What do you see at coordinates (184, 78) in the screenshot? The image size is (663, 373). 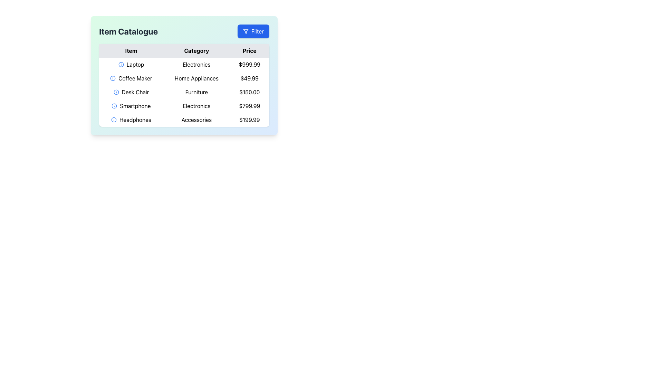 I see `the second row of the Item Catalogue table that contains 'Coffee Maker', 'Home Appliances', and '$49.99'` at bounding box center [184, 78].